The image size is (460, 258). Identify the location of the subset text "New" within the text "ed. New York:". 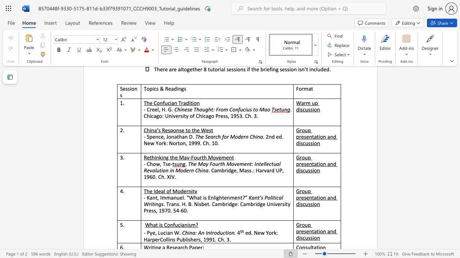
(254, 233).